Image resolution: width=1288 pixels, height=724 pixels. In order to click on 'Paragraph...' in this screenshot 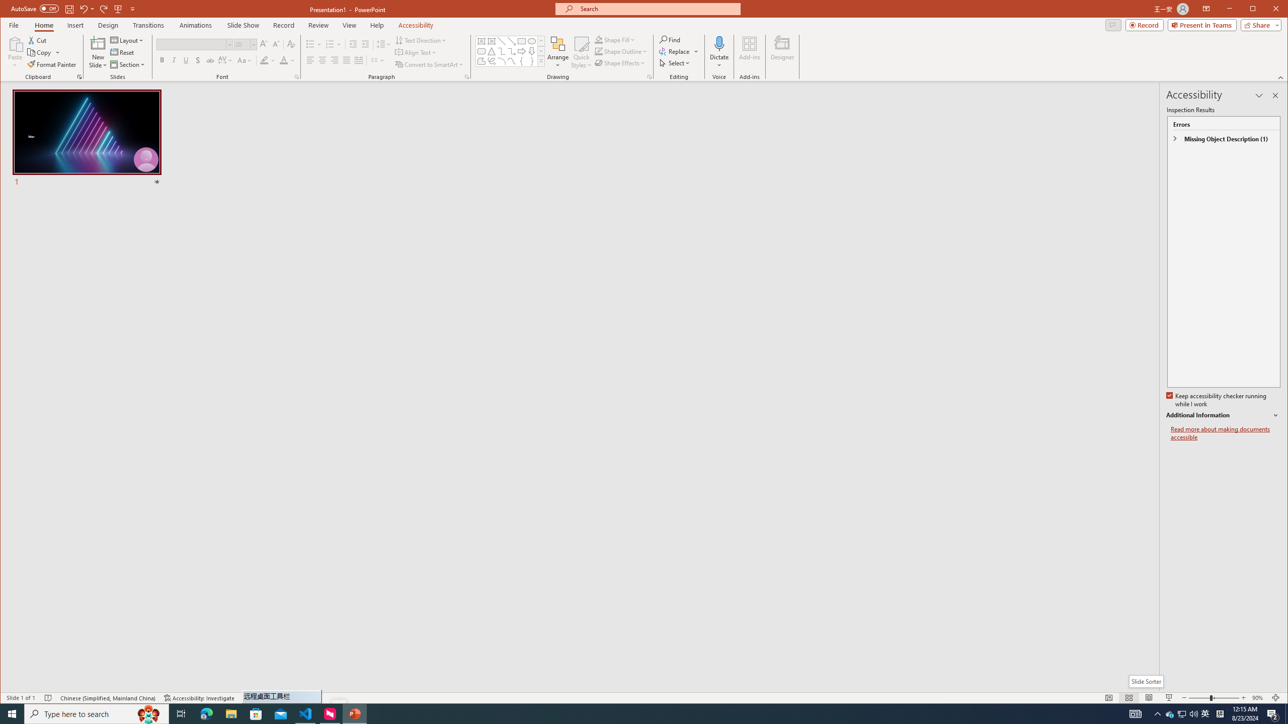, I will do `click(467, 77)`.